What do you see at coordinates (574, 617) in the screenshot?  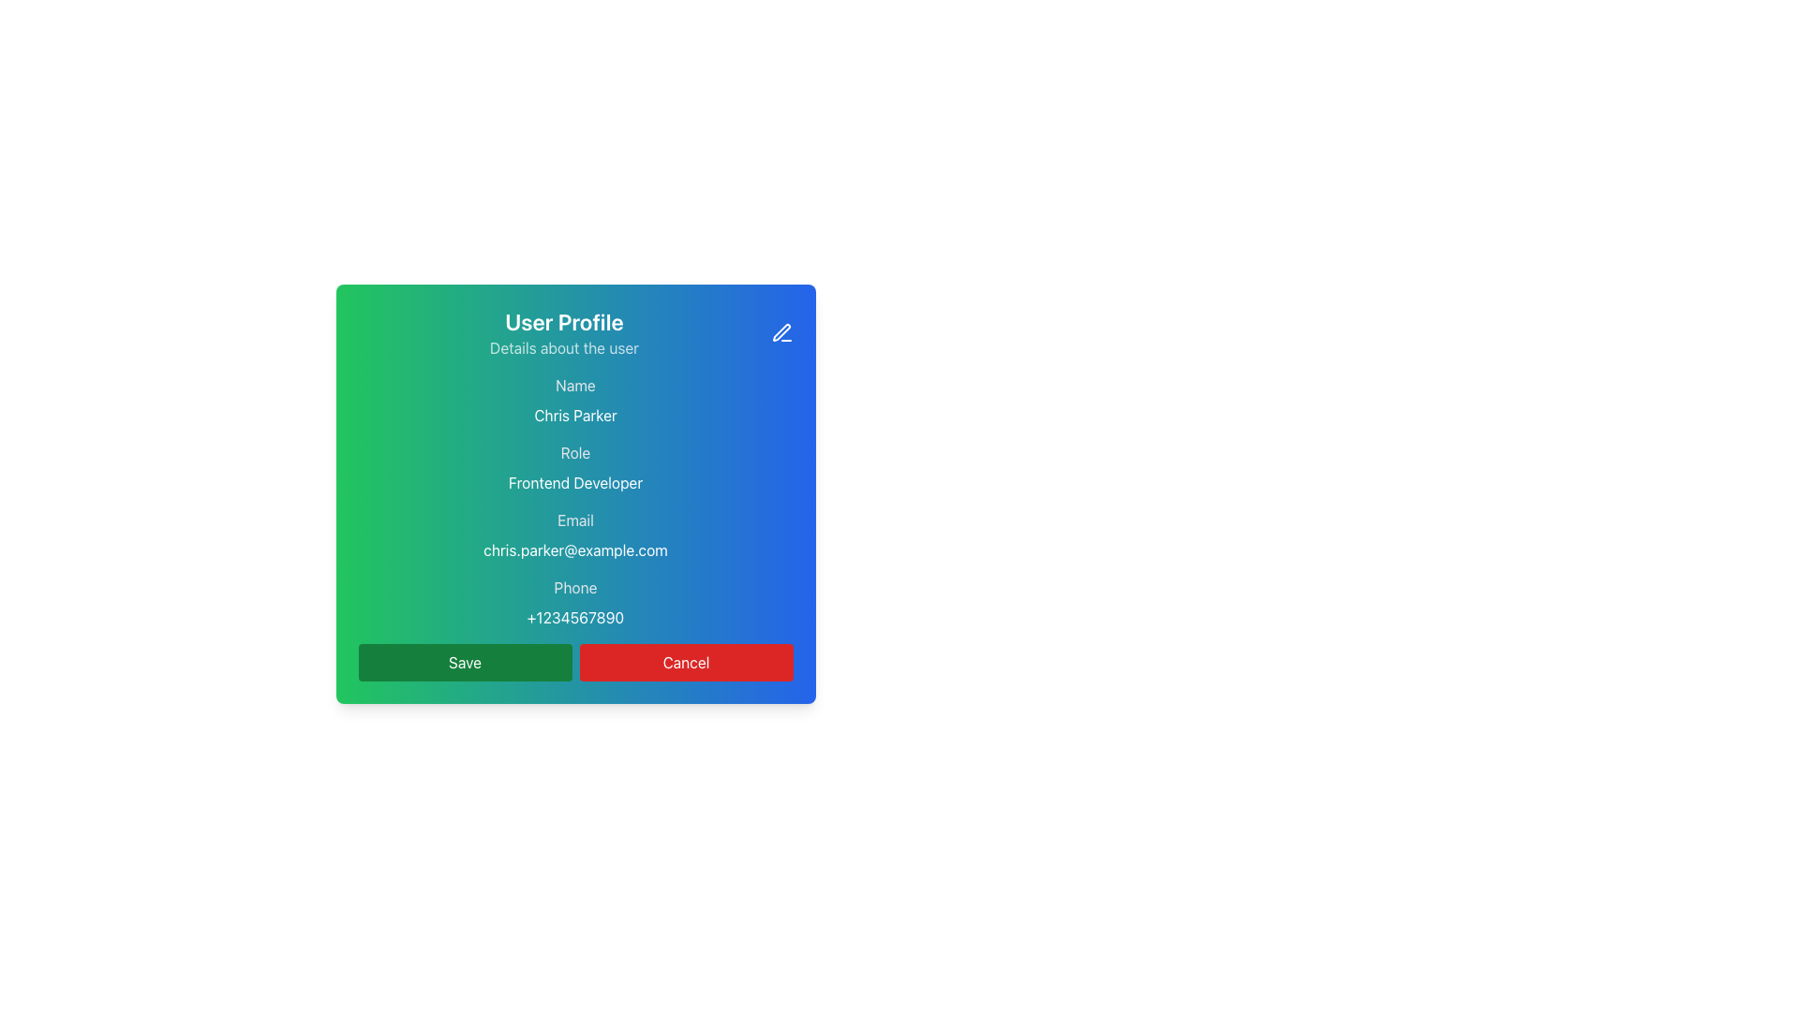 I see `the Static Text displaying '+1234567890' which is positioned below the 'Phone' label in the user profile card layout` at bounding box center [574, 617].